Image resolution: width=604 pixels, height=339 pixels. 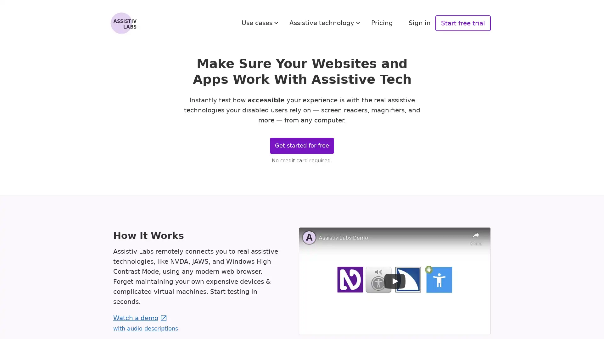 I want to click on Assistive technology, so click(x=326, y=23).